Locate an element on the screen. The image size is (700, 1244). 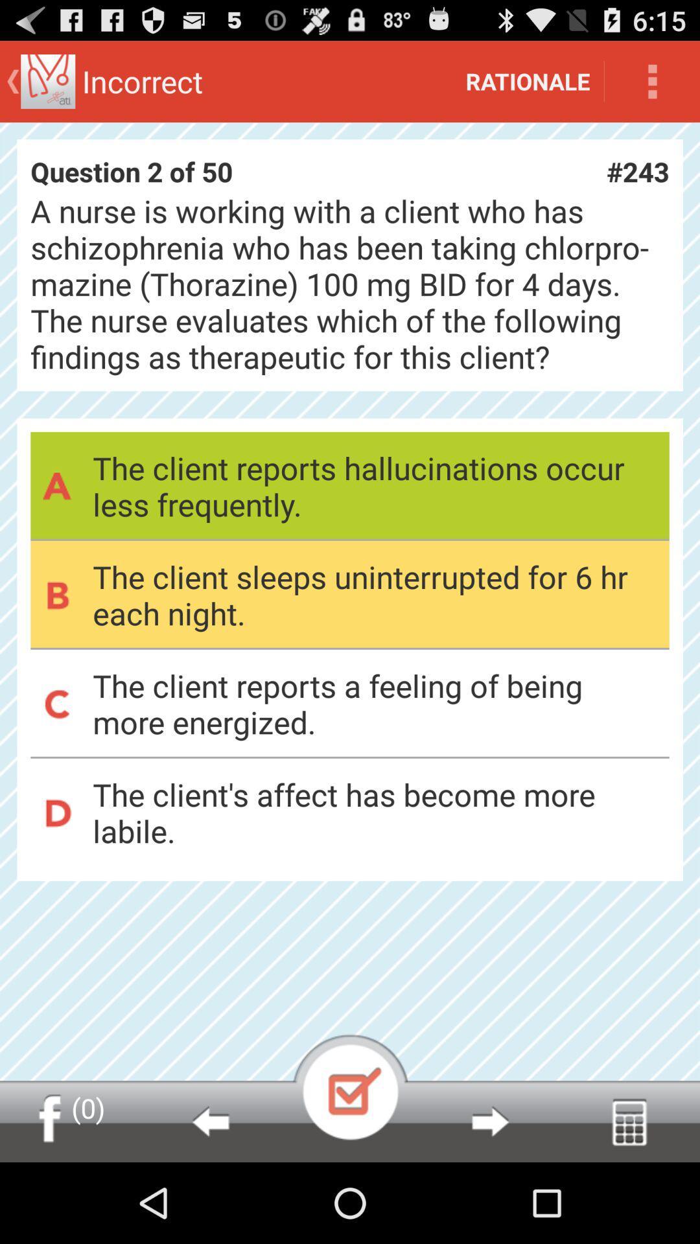
the arrow_forward icon is located at coordinates (490, 1199).